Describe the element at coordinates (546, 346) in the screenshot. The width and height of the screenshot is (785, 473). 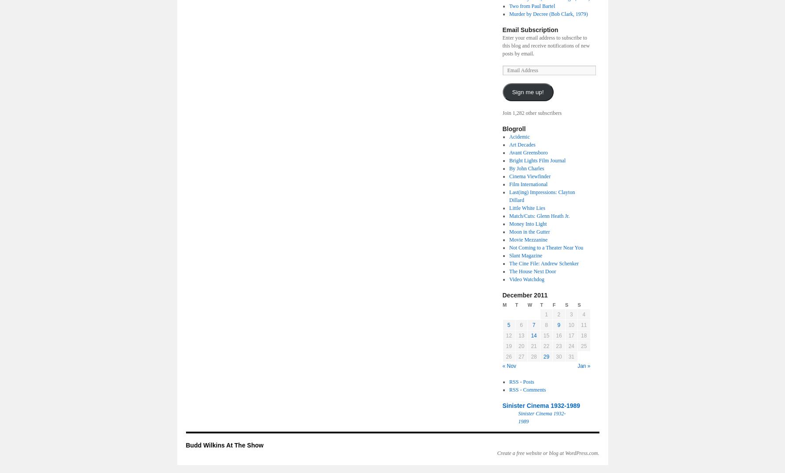
I see `'22'` at that location.